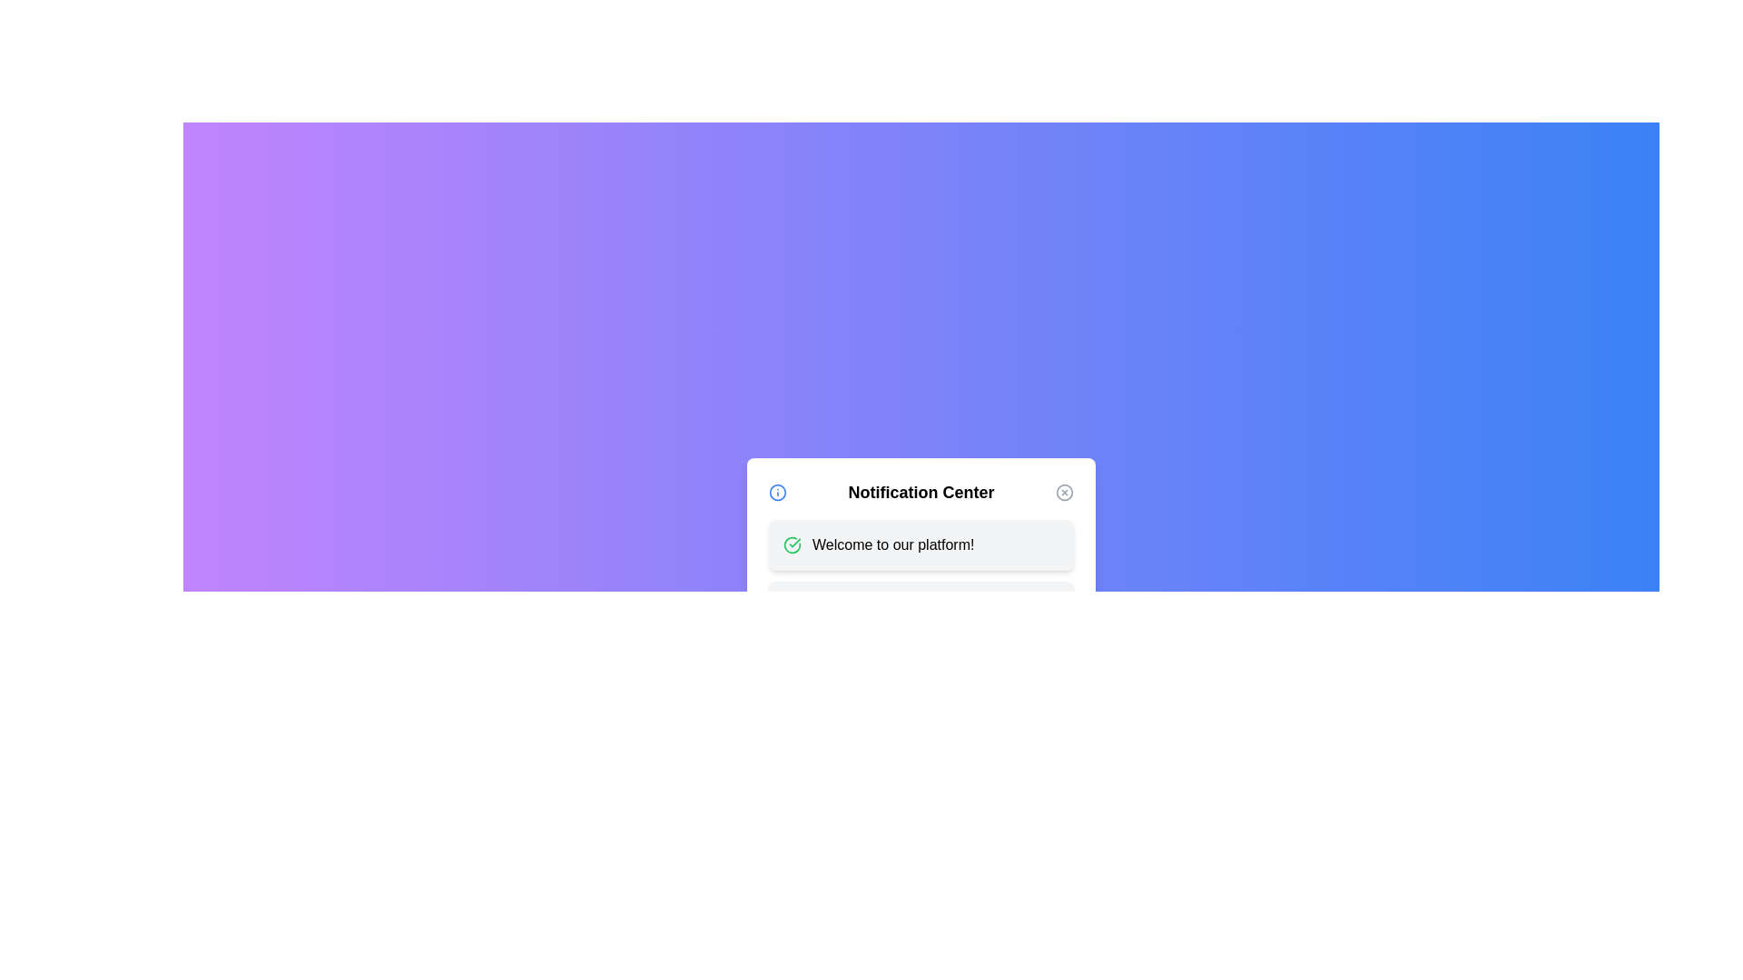  What do you see at coordinates (793, 544) in the screenshot?
I see `the circular icon with a green checkmark on a white background located next to the message 'Welcome to our platform!'` at bounding box center [793, 544].